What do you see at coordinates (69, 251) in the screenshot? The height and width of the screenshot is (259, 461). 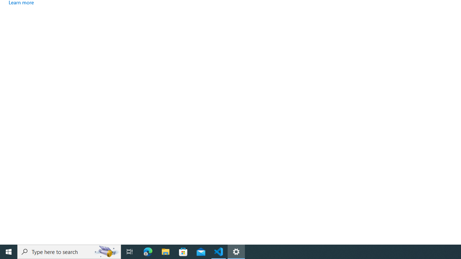 I see `'Type here to search'` at bounding box center [69, 251].